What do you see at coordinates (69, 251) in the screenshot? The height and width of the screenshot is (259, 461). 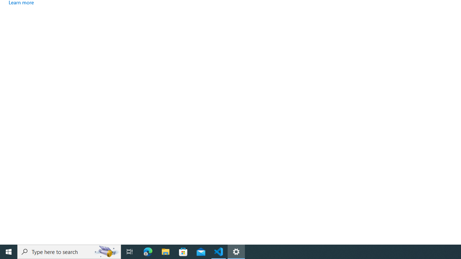 I see `'Type here to search'` at bounding box center [69, 251].